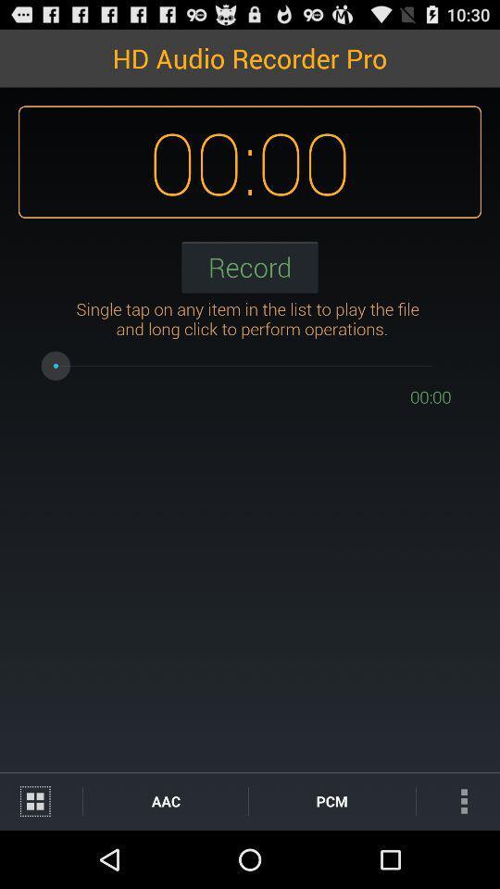  I want to click on aac, so click(166, 800).